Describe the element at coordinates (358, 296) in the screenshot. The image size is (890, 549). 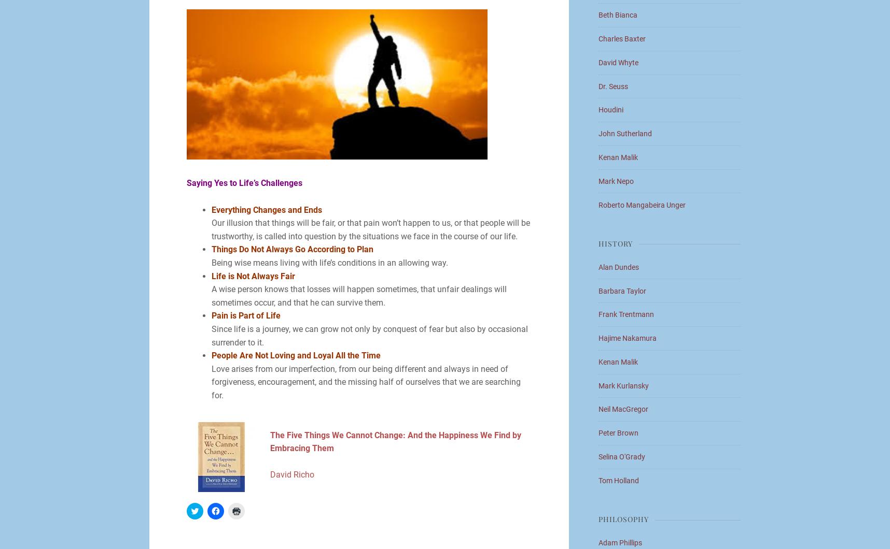
I see `'A wise person knows that losses will happen sometimes, that unfair dealings will sometimes occur, and that he can survive them.'` at that location.